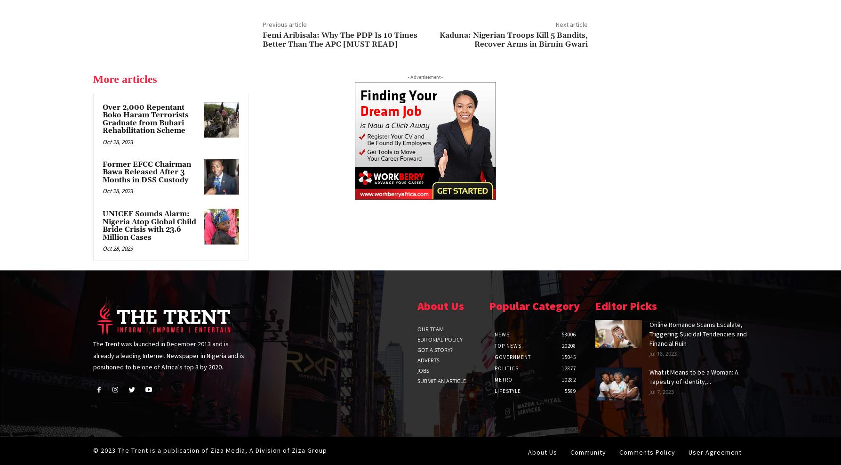  I want to click on 'UNICEF Sounds Alarm: Nigeria Atop Global Child Bride Crisis with 23.6 Million Cases', so click(148, 225).